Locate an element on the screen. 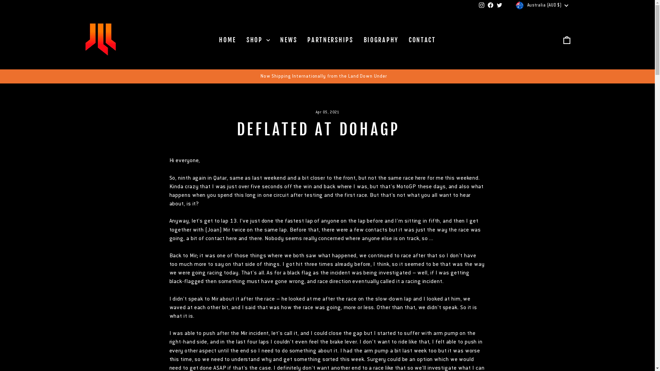 This screenshot has height=371, width=660. 'Australia (AUD $)' is located at coordinates (514, 5).